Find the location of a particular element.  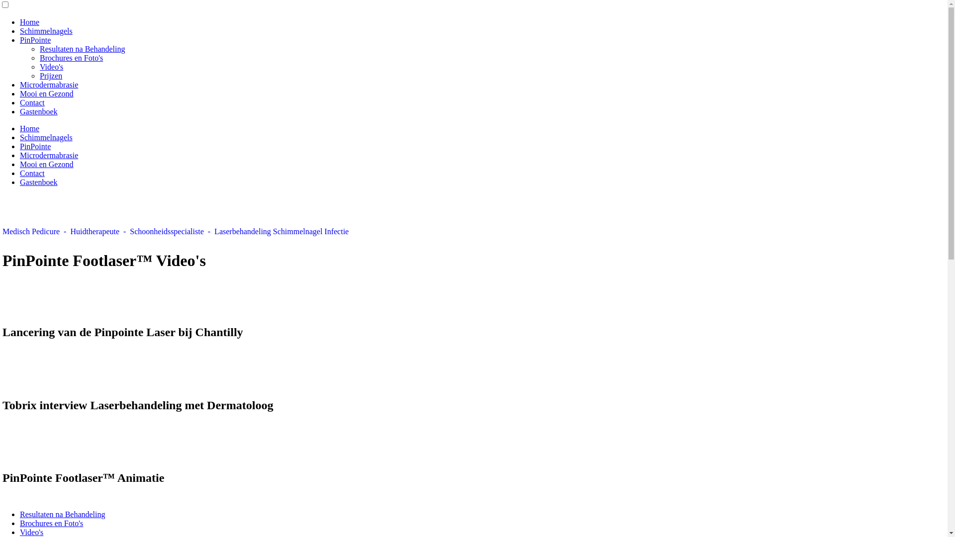

'Mooi en Gezond' is located at coordinates (46, 164).